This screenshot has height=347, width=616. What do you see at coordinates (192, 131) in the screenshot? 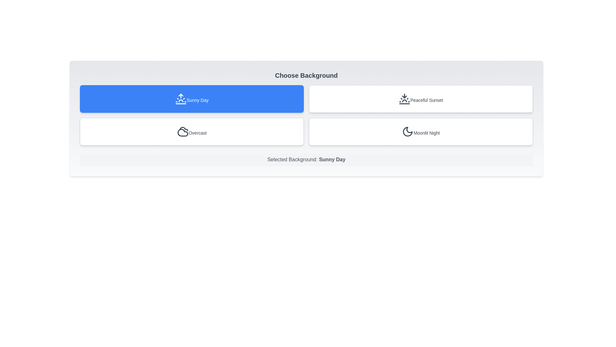
I see `the button for Overcast to preview its hover effect` at bounding box center [192, 131].